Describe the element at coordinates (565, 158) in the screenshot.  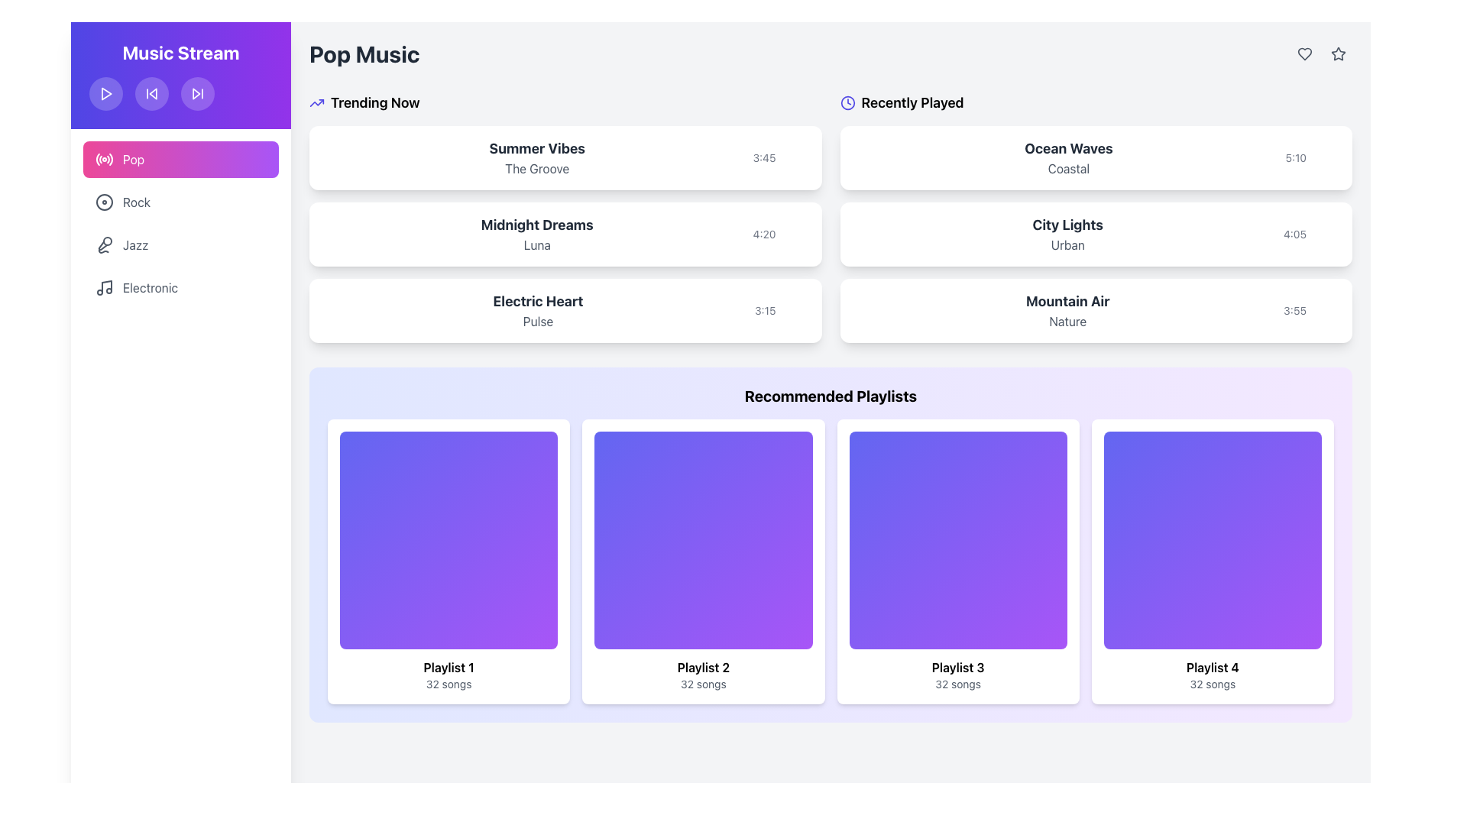
I see `to select the music card showcasing a track in the 'Trending Now' section under 'Pop Music'` at that location.